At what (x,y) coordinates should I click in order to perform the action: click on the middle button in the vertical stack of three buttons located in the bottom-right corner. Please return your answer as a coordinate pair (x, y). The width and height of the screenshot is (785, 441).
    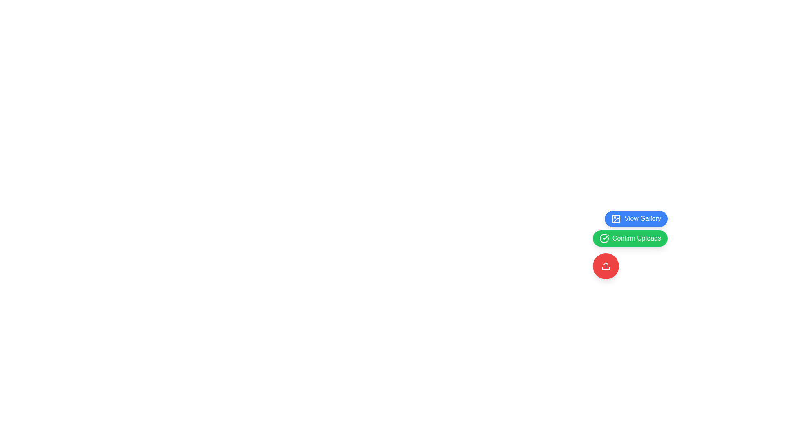
    Looking at the image, I should click on (630, 245).